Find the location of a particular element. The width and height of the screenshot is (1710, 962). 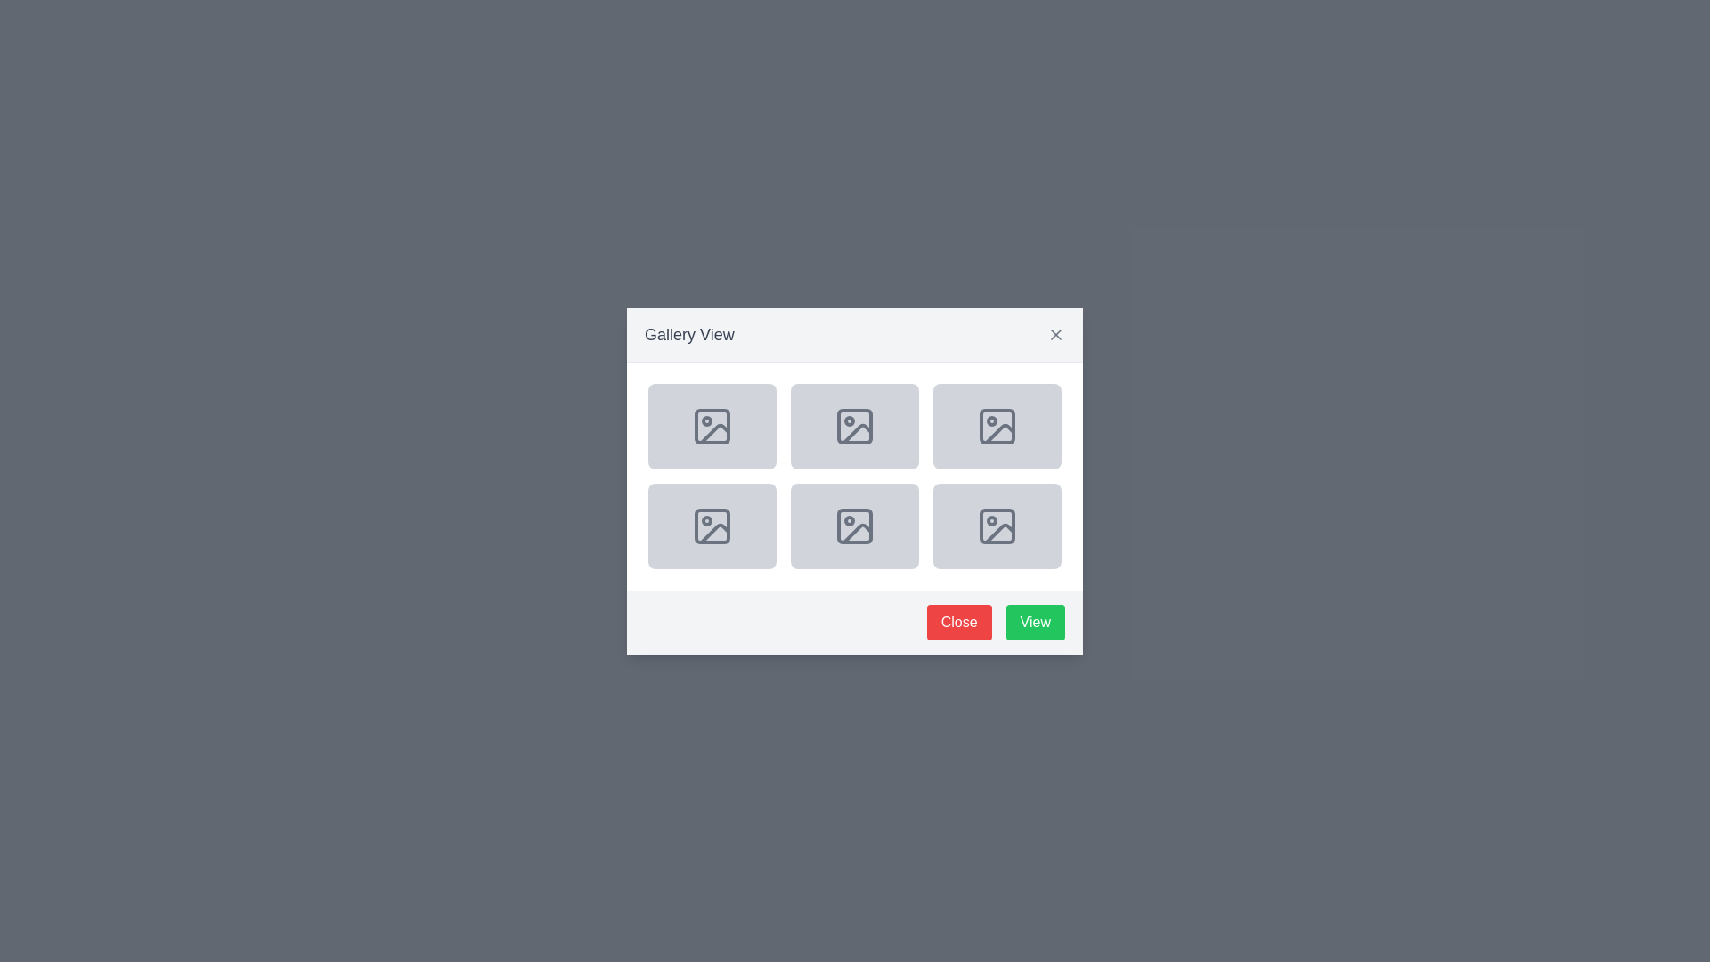

the red 'Close' button with white text is located at coordinates (958, 621).